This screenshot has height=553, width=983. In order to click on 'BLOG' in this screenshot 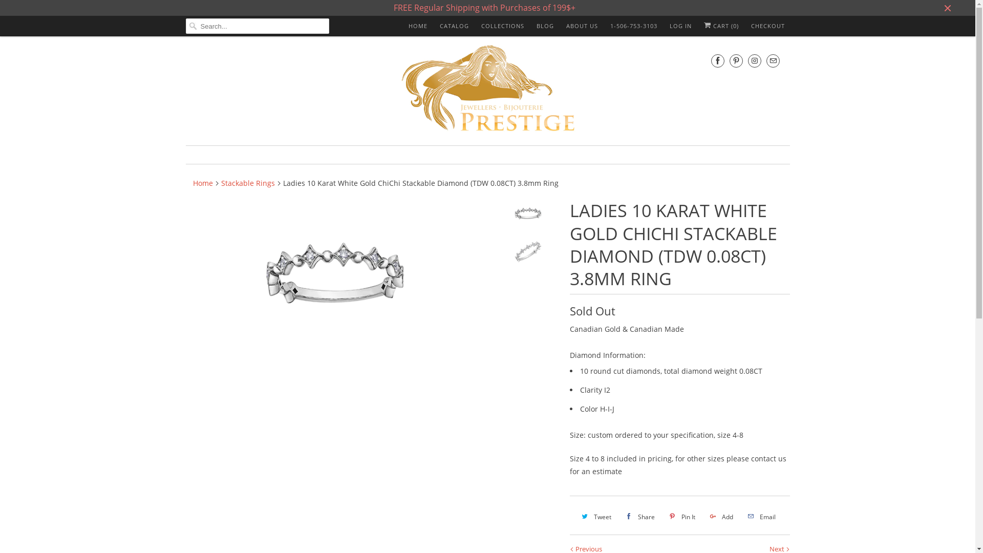, I will do `click(536, 25)`.